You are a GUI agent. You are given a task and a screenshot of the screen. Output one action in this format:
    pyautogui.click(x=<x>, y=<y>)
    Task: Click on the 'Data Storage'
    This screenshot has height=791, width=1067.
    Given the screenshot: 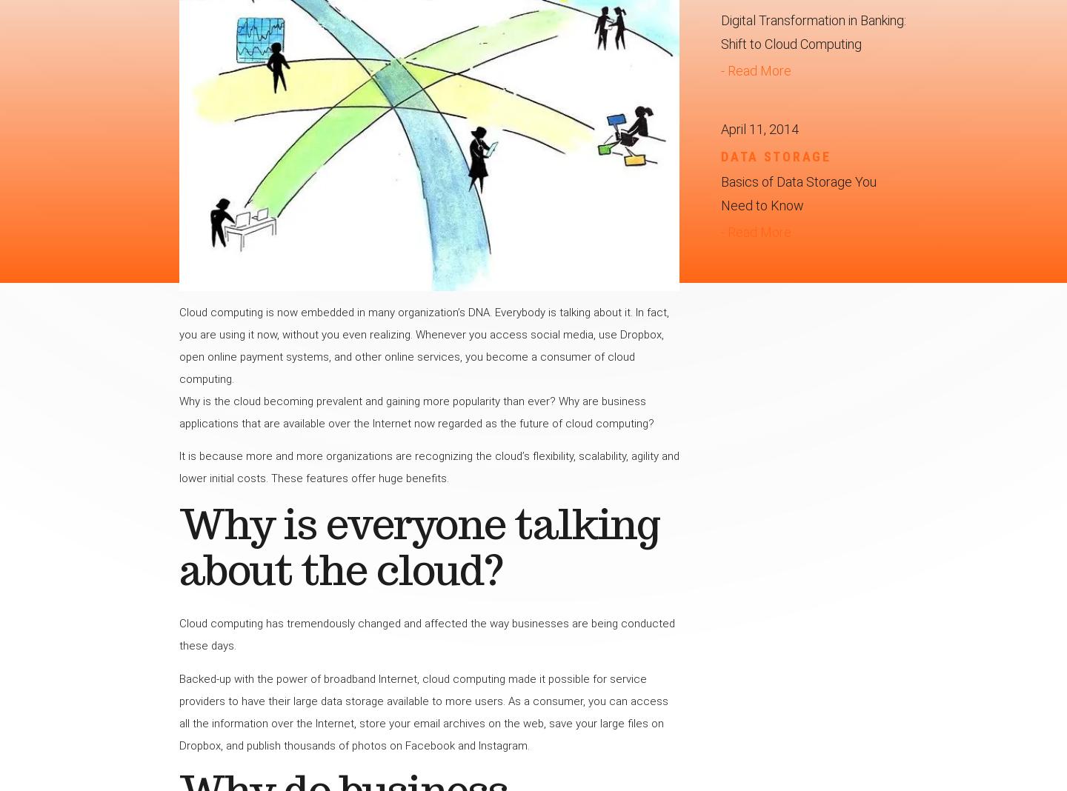 What is the action you would take?
    pyautogui.click(x=720, y=156)
    